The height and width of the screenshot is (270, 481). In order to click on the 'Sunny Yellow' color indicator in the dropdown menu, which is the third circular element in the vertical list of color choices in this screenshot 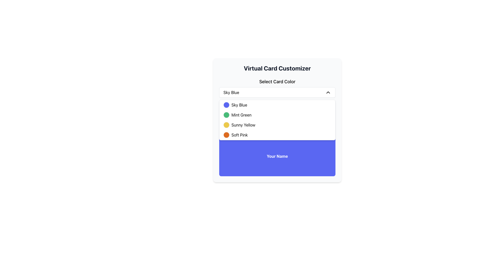, I will do `click(226, 125)`.